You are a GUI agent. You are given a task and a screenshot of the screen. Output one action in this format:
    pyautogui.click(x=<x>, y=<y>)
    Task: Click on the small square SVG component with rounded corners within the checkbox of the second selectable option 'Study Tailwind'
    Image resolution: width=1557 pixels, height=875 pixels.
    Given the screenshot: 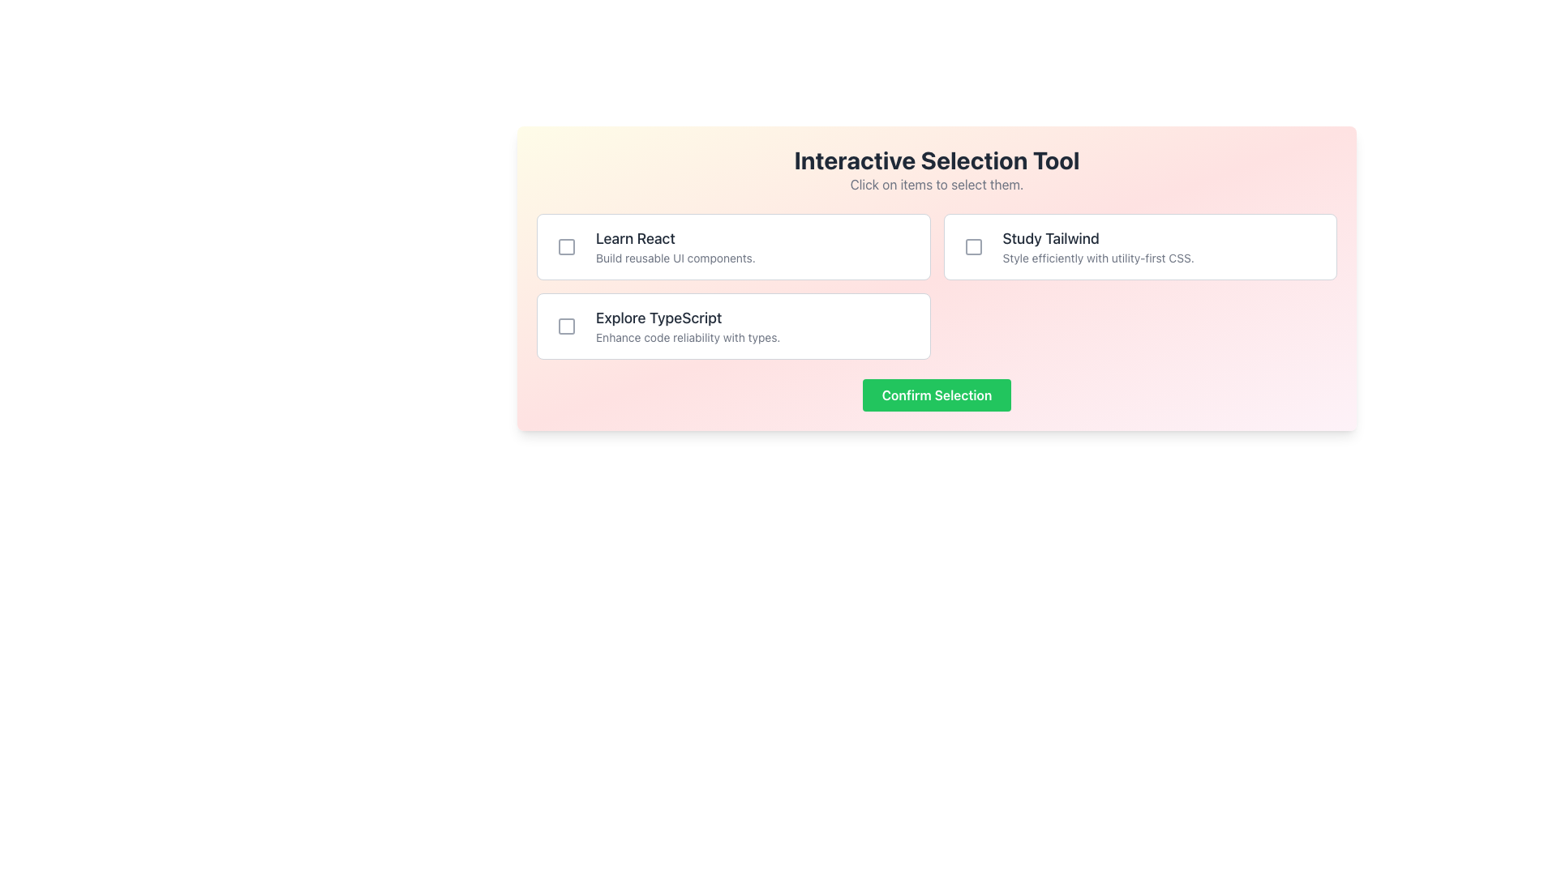 What is the action you would take?
    pyautogui.click(x=973, y=246)
    